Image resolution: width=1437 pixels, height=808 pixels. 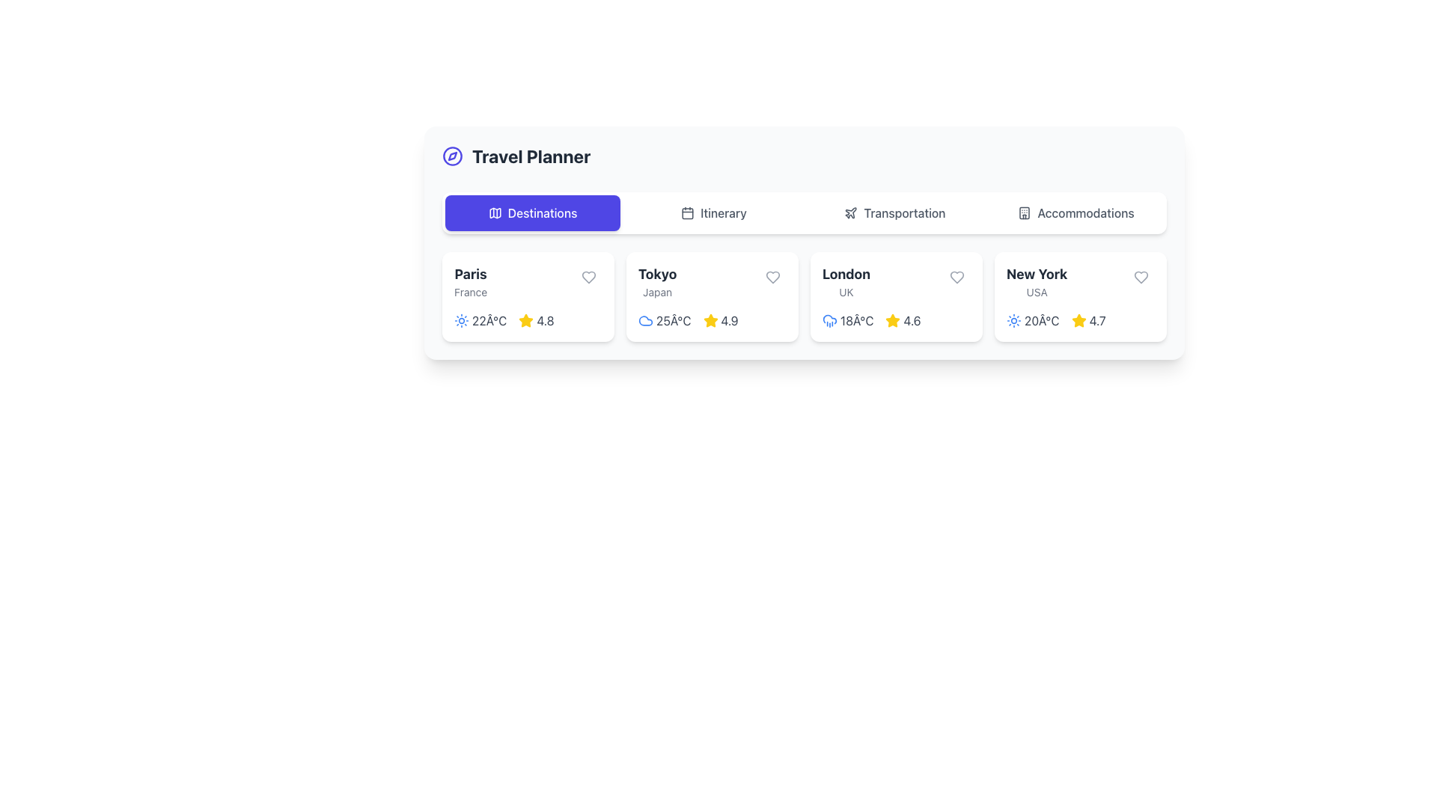 I want to click on contextual information from the Text label located below the destination name 'Paris' within the first column of the grid layout, so click(x=470, y=292).